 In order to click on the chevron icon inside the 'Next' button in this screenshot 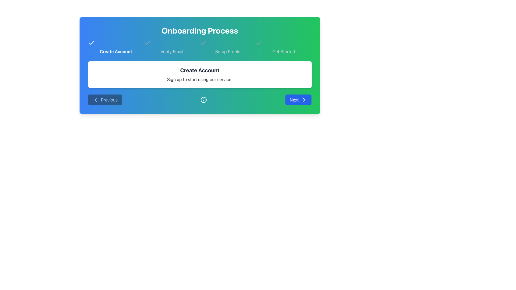, I will do `click(304, 100)`.